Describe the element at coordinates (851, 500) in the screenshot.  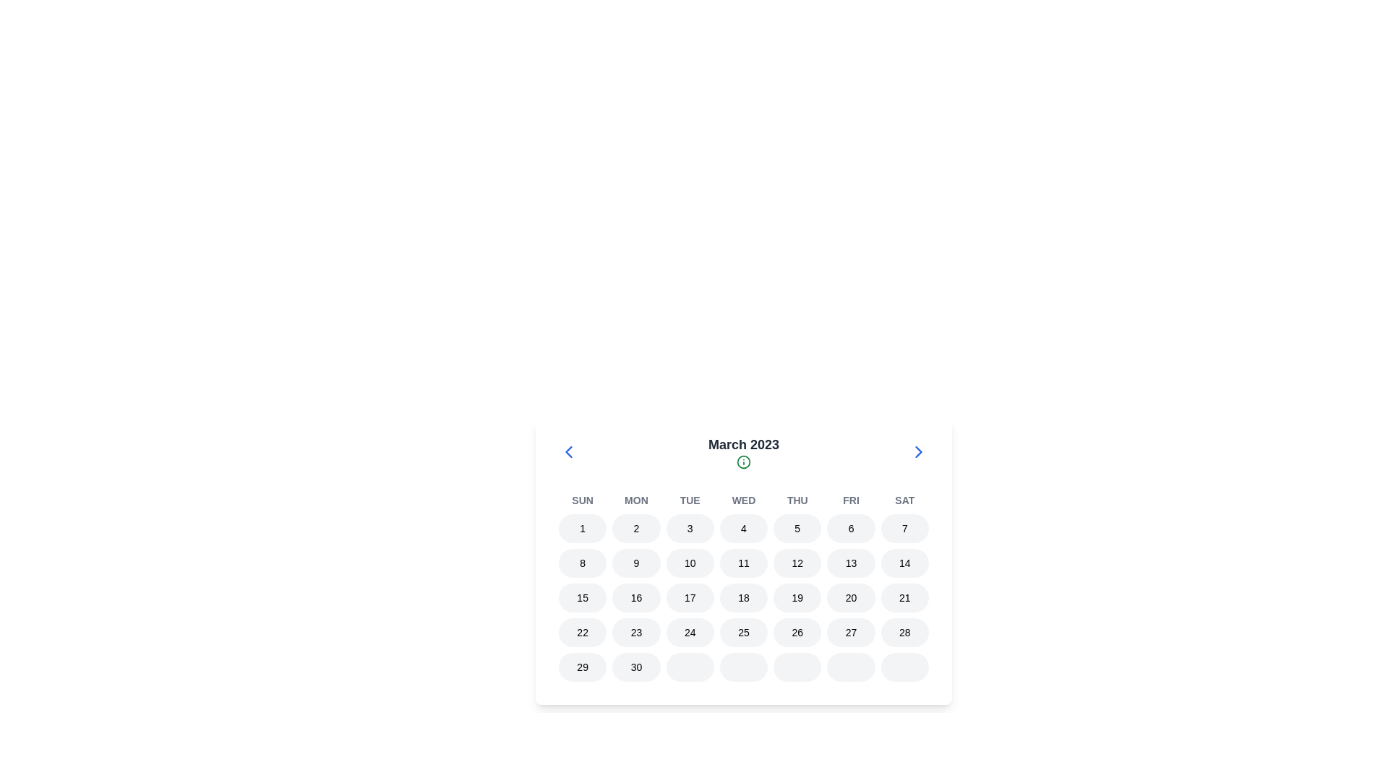
I see `the text label displaying 'FRI', which is styled in gray and is the sixth element among the day abbreviations` at that location.